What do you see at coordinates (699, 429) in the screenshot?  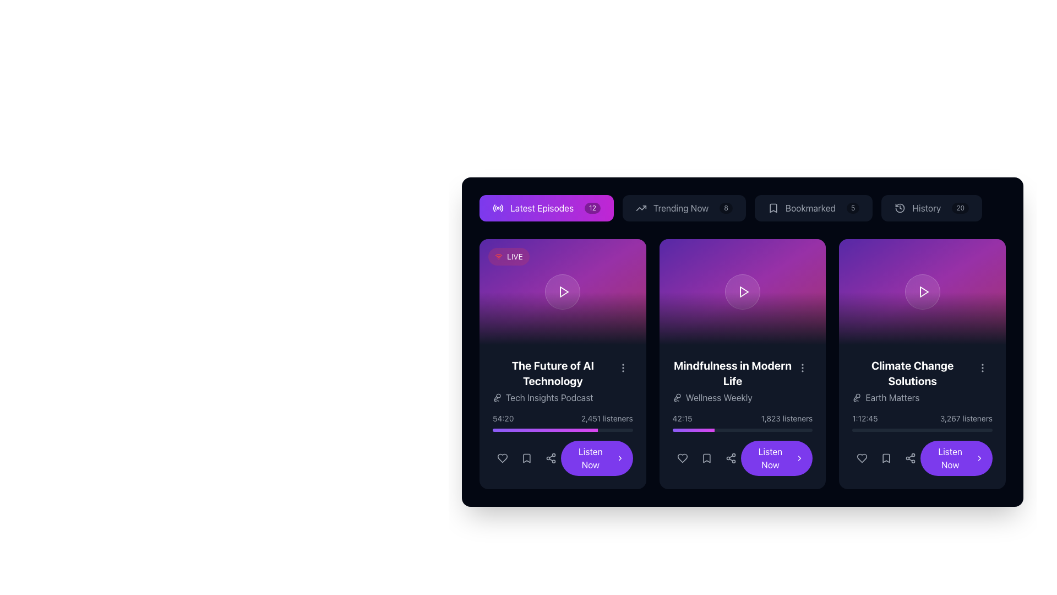 I see `progress` at bounding box center [699, 429].